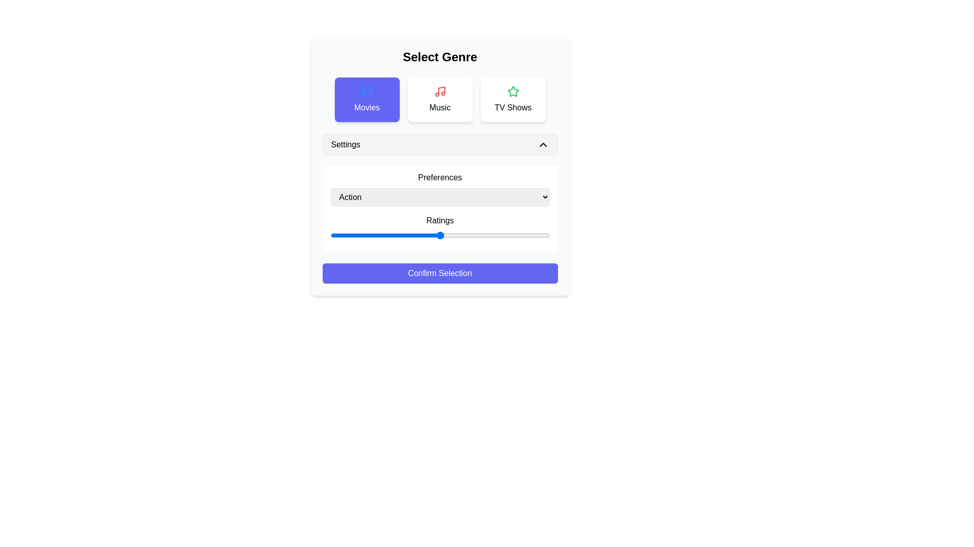 This screenshot has height=547, width=974. Describe the element at coordinates (440, 92) in the screenshot. I see `the red music-note icon located inside the 'Music' button, which is positioned between the 'Movies' button and the 'TV Shows' button in the genre selection options` at that location.